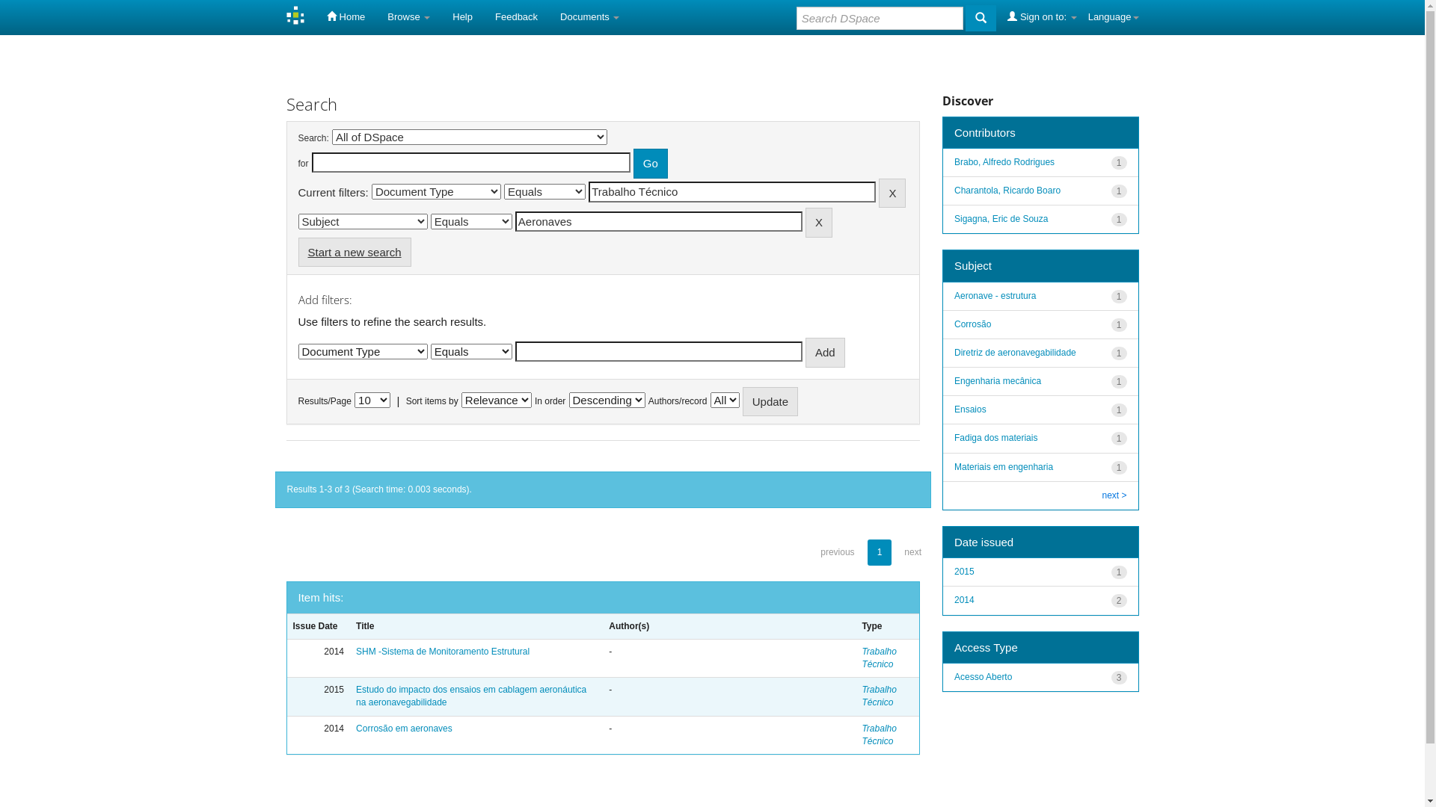 The image size is (1436, 807). What do you see at coordinates (589, 16) in the screenshot?
I see `'Documents'` at bounding box center [589, 16].